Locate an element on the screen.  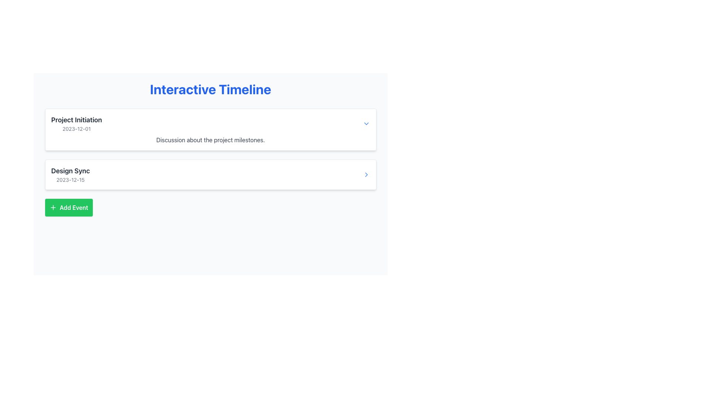
the static text element that represents the date, positioned centrally below the 'Project Initiation' heading is located at coordinates (77, 128).